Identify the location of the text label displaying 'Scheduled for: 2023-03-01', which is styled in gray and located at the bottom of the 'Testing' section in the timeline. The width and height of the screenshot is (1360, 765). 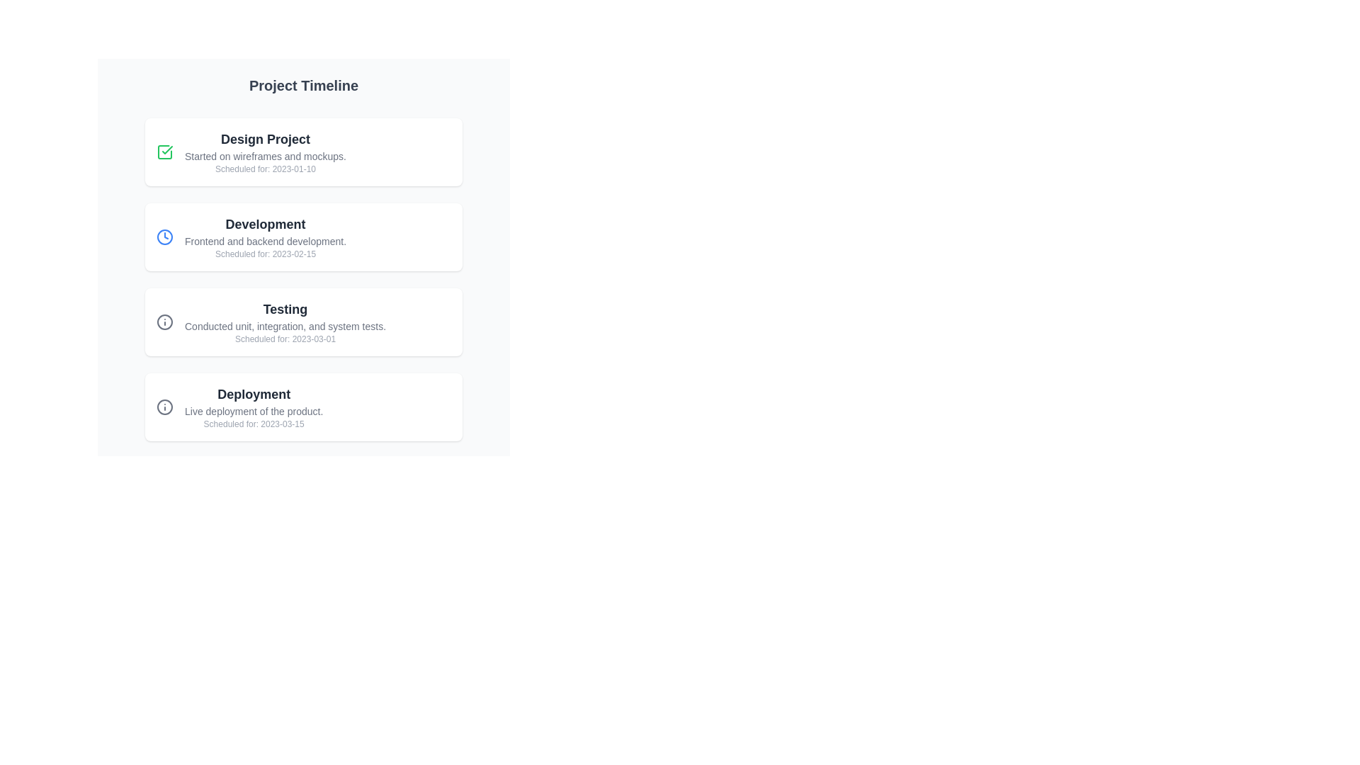
(285, 339).